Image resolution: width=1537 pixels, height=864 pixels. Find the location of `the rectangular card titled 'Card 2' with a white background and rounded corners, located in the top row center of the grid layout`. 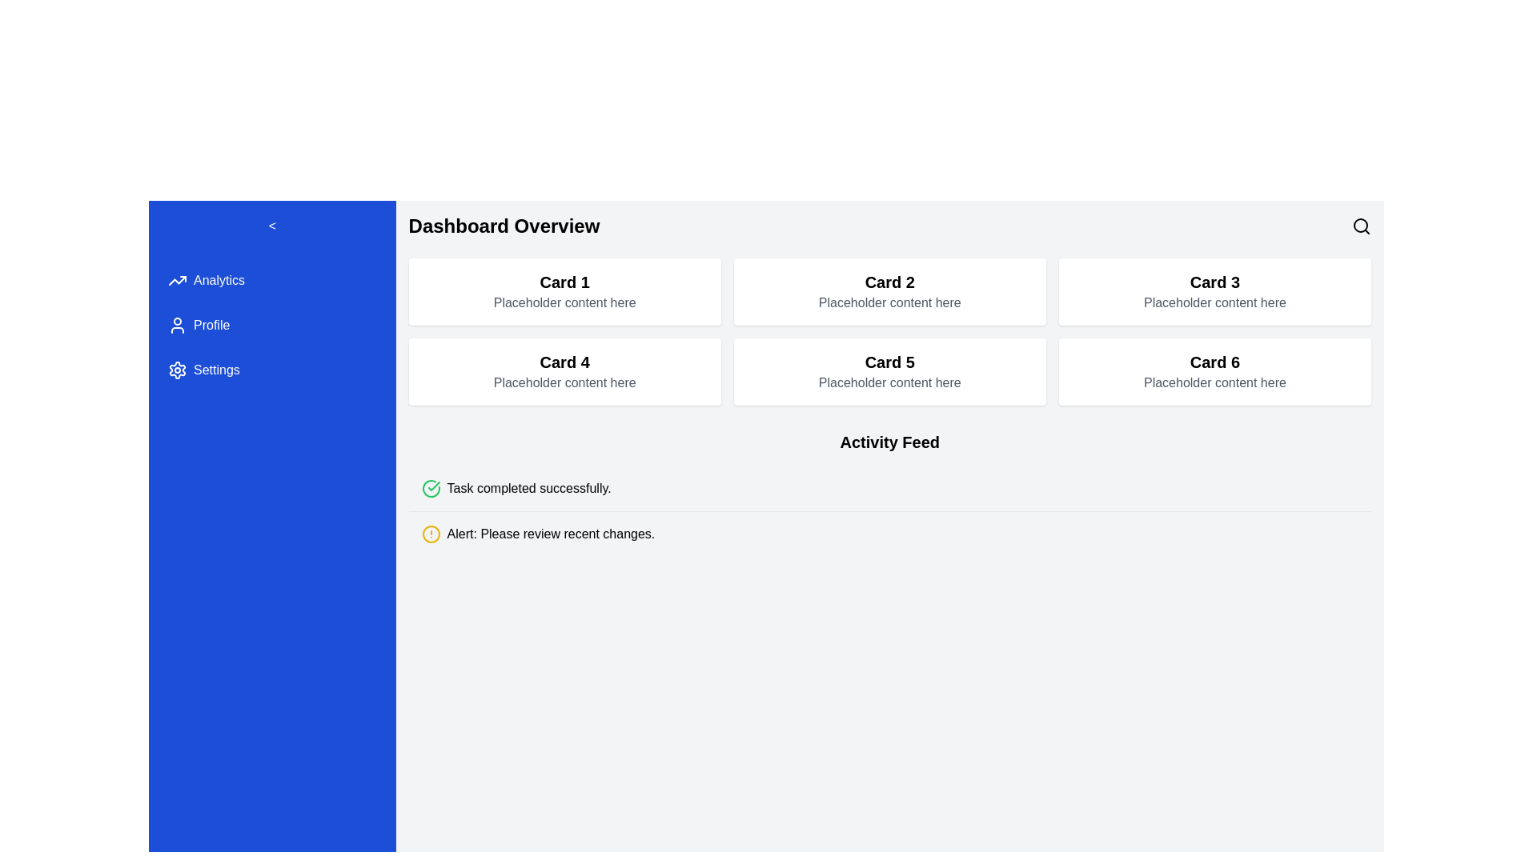

the rectangular card titled 'Card 2' with a white background and rounded corners, located in the top row center of the grid layout is located at coordinates (889, 292).